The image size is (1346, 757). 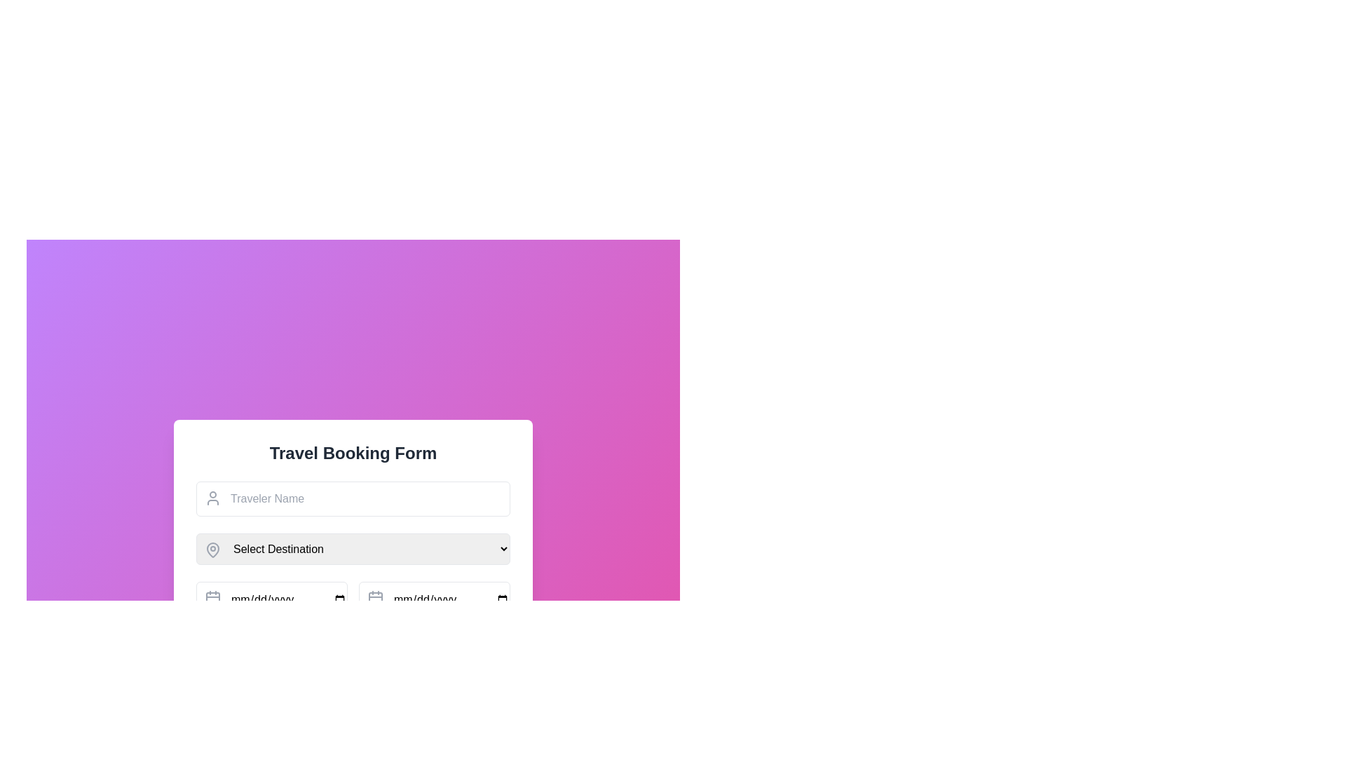 What do you see at coordinates (212, 550) in the screenshot?
I see `the map pin icon, which is a stylized location marker outlined in gray, located inside the 'Select Destination' input field, aligned to the left side` at bounding box center [212, 550].